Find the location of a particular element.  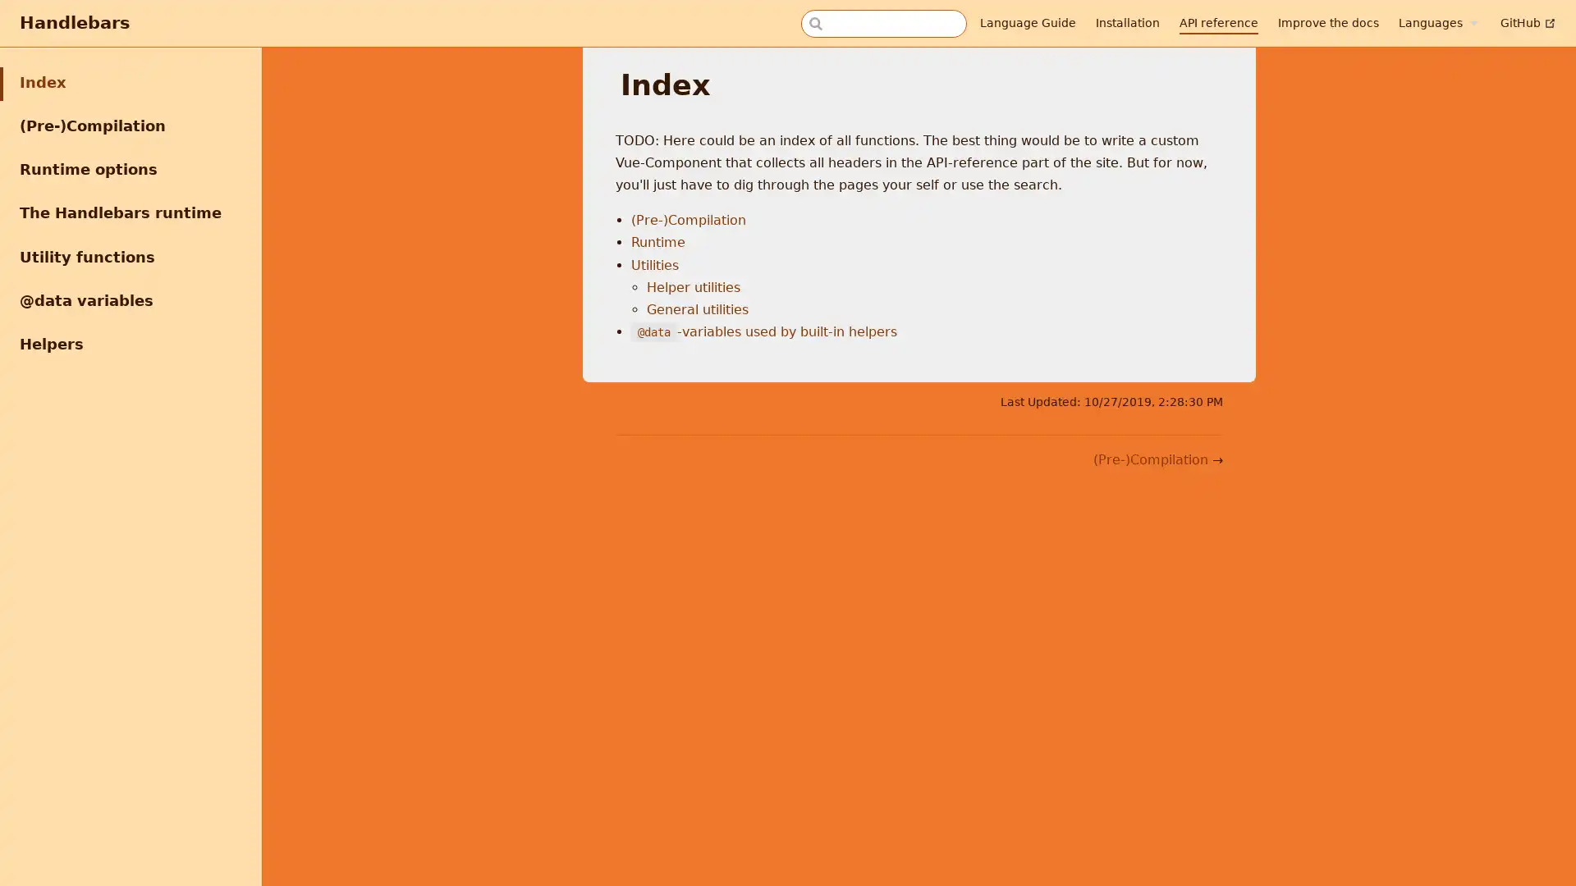

Languages is located at coordinates (1436, 22).